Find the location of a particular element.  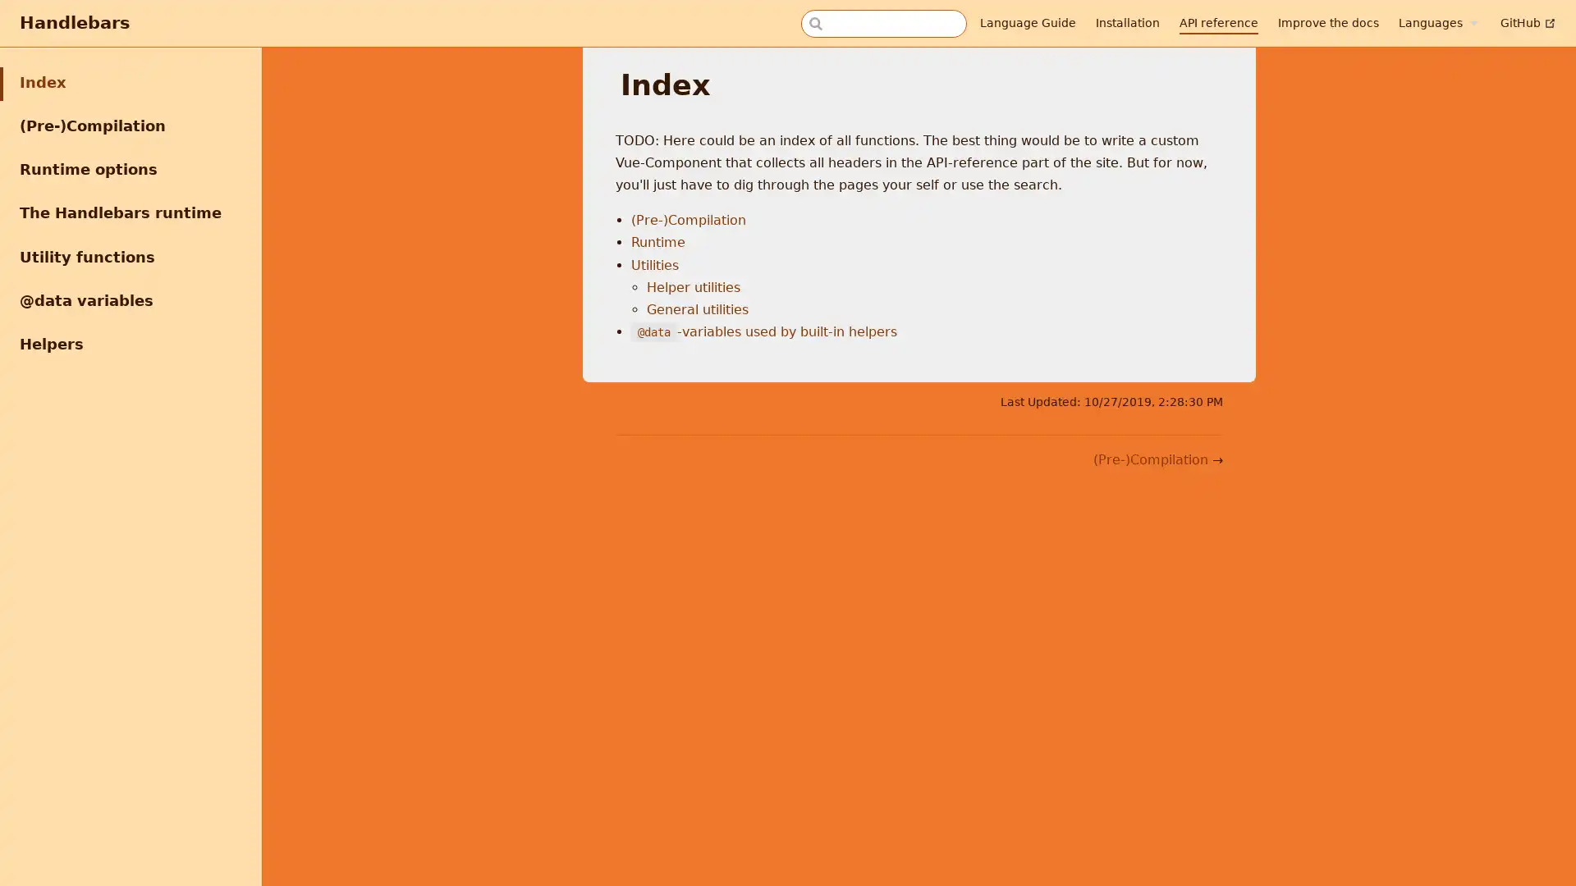

Languages is located at coordinates (1436, 22).